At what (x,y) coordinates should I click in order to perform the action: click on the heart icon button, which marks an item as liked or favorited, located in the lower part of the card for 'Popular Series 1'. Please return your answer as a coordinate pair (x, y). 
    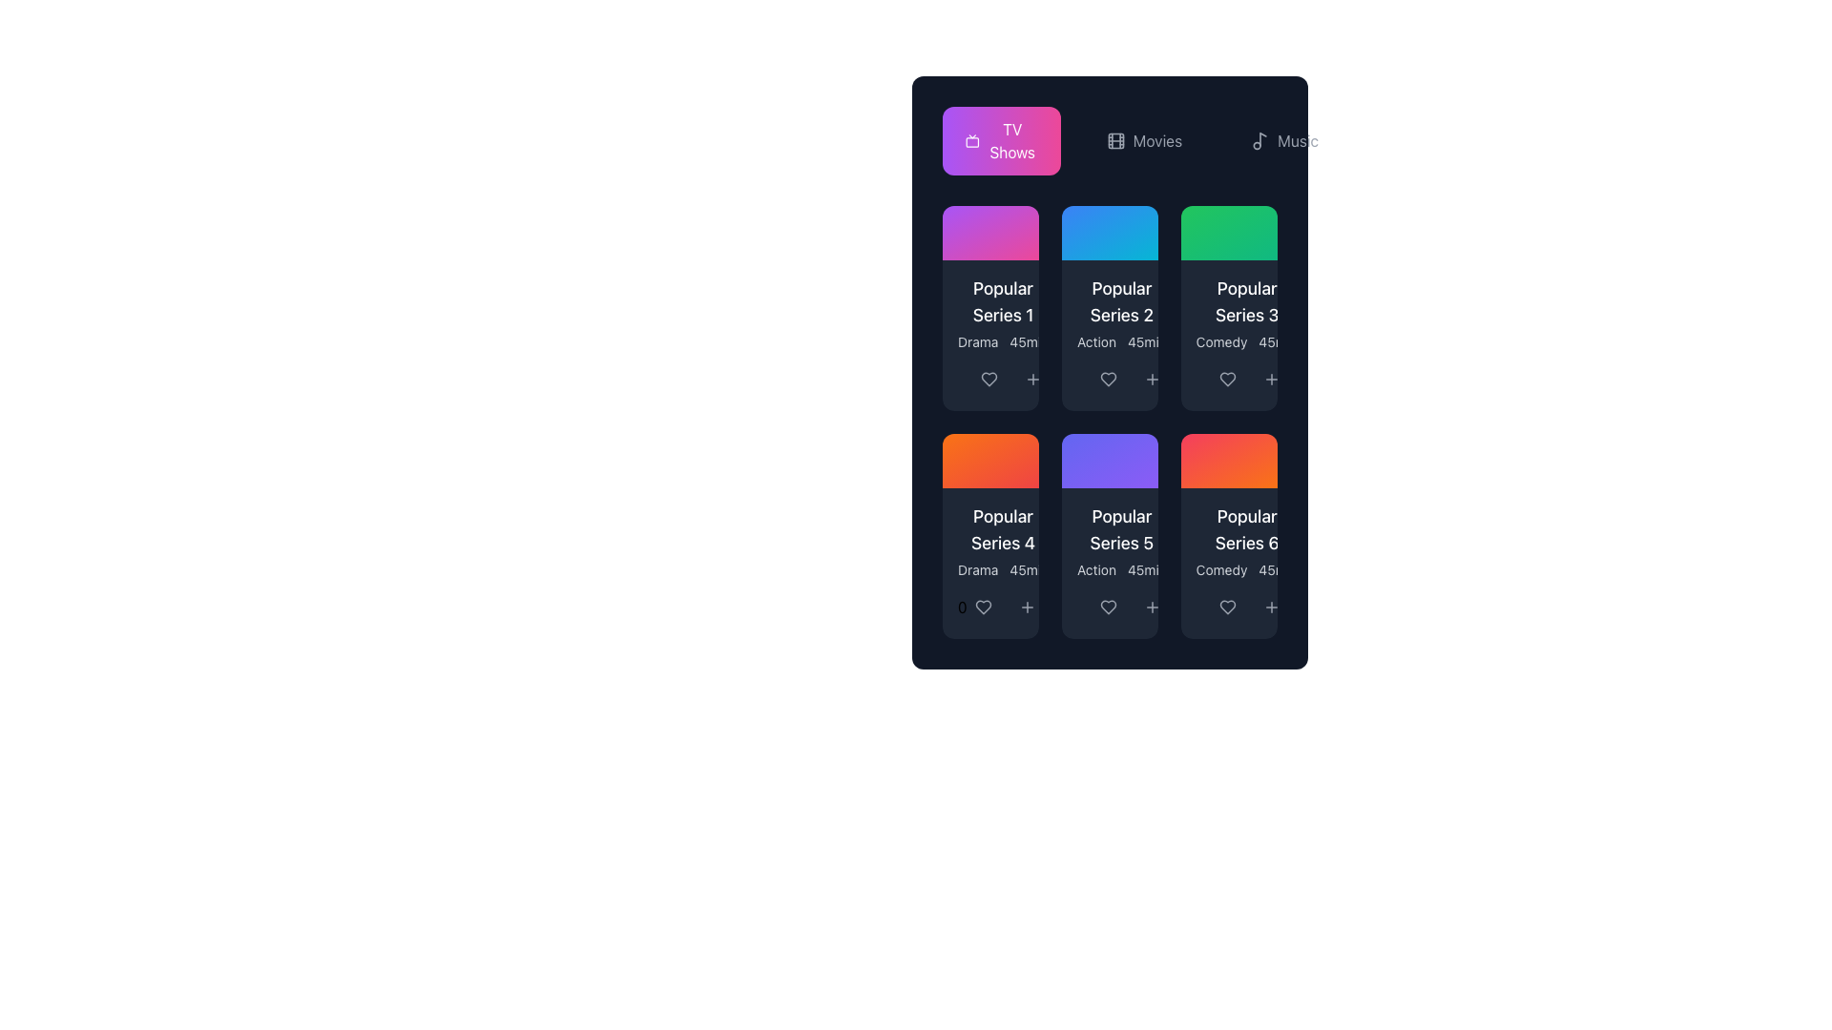
    Looking at the image, I should click on (989, 379).